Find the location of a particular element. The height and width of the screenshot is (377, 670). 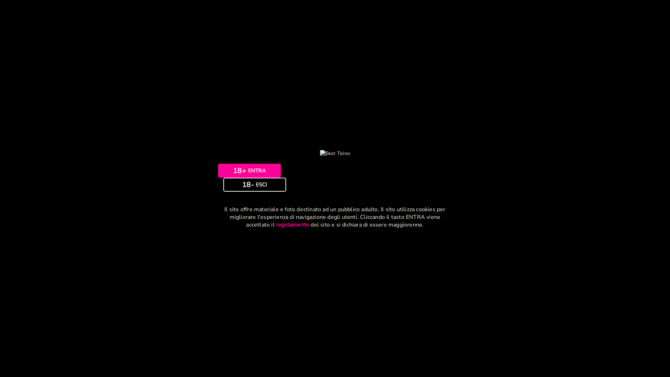

'regolamento' is located at coordinates (292, 225).